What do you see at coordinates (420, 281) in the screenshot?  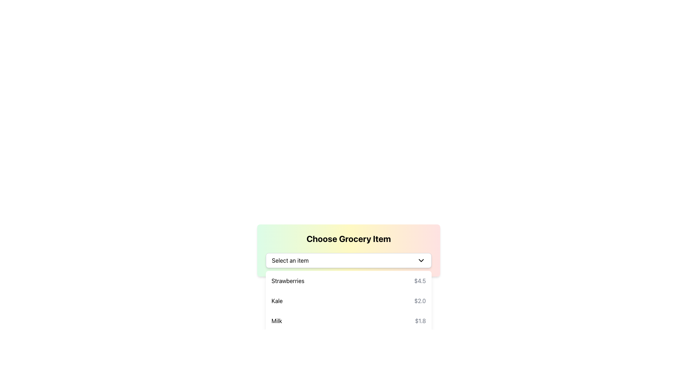 I see `the text label displaying '$4.5' which indicates the price of Strawberries, located to the far right of the grocery items list` at bounding box center [420, 281].